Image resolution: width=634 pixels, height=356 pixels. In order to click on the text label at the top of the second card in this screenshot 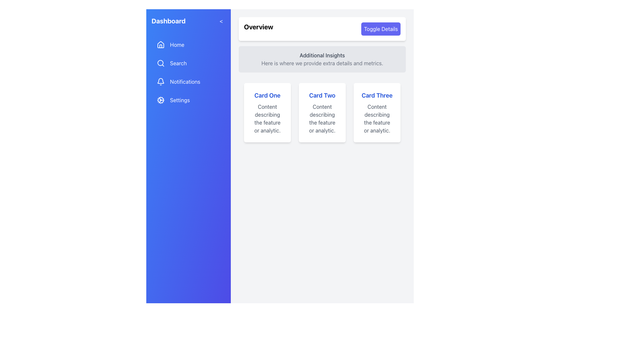, I will do `click(322, 95)`.